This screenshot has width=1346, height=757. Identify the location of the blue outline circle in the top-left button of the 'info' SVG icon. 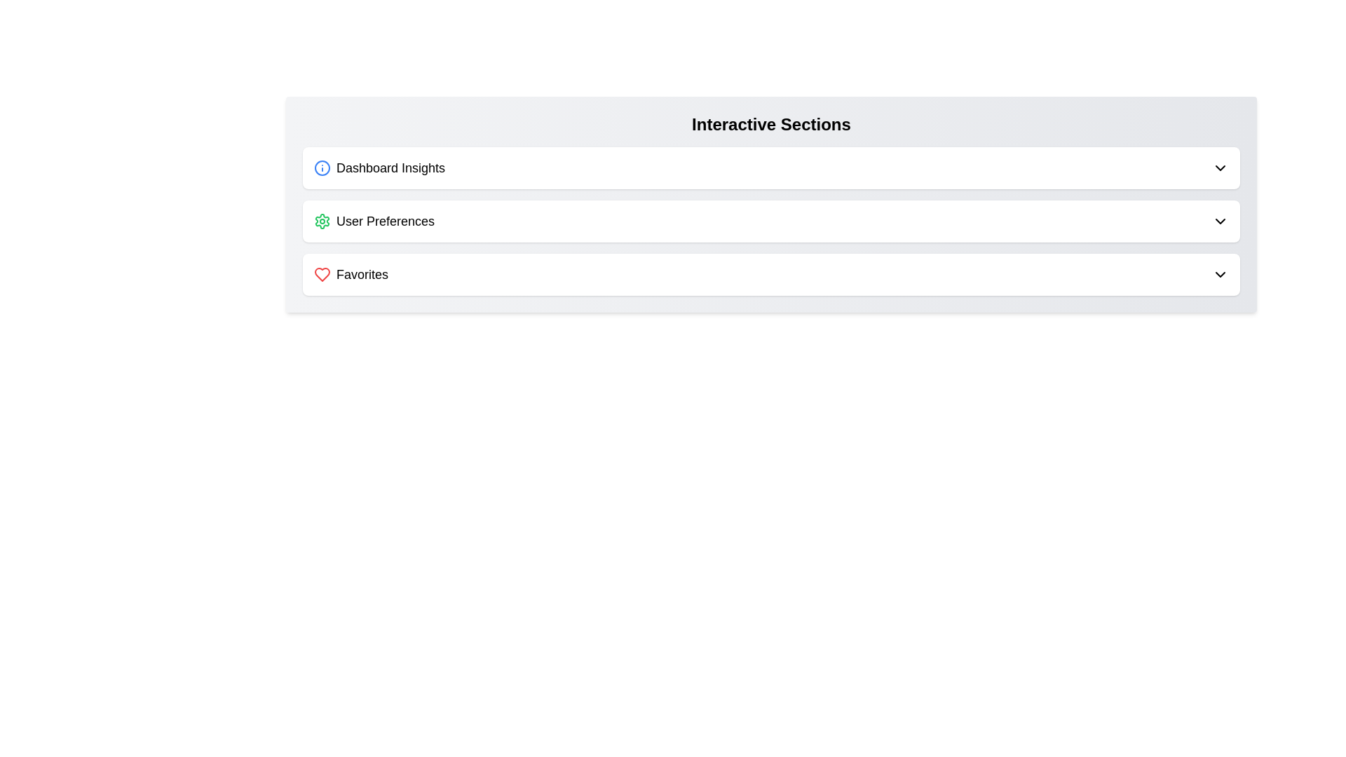
(322, 167).